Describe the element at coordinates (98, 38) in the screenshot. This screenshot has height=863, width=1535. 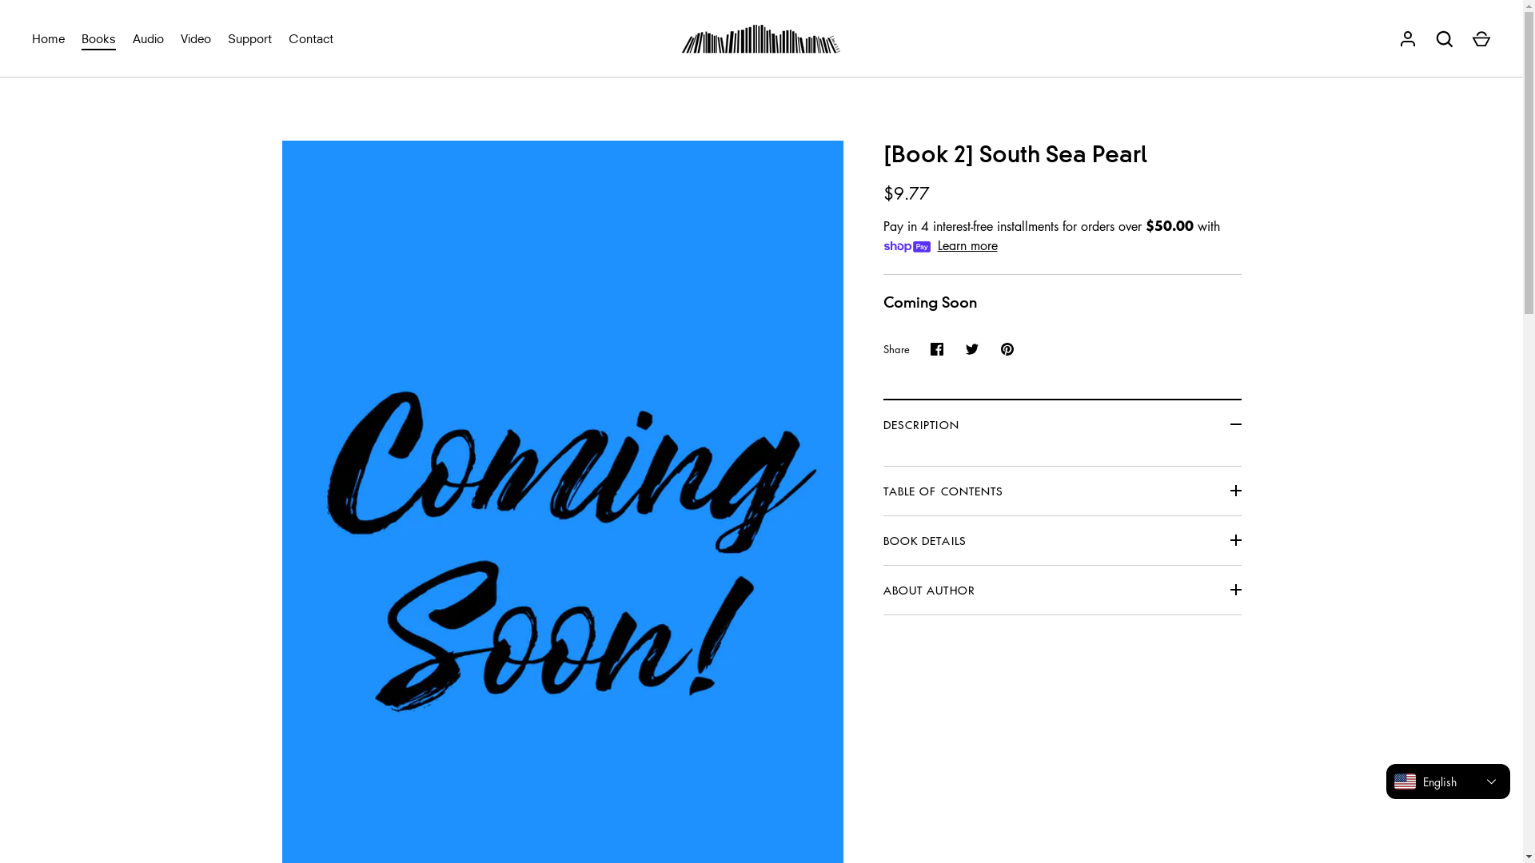
I see `'Books'` at that location.